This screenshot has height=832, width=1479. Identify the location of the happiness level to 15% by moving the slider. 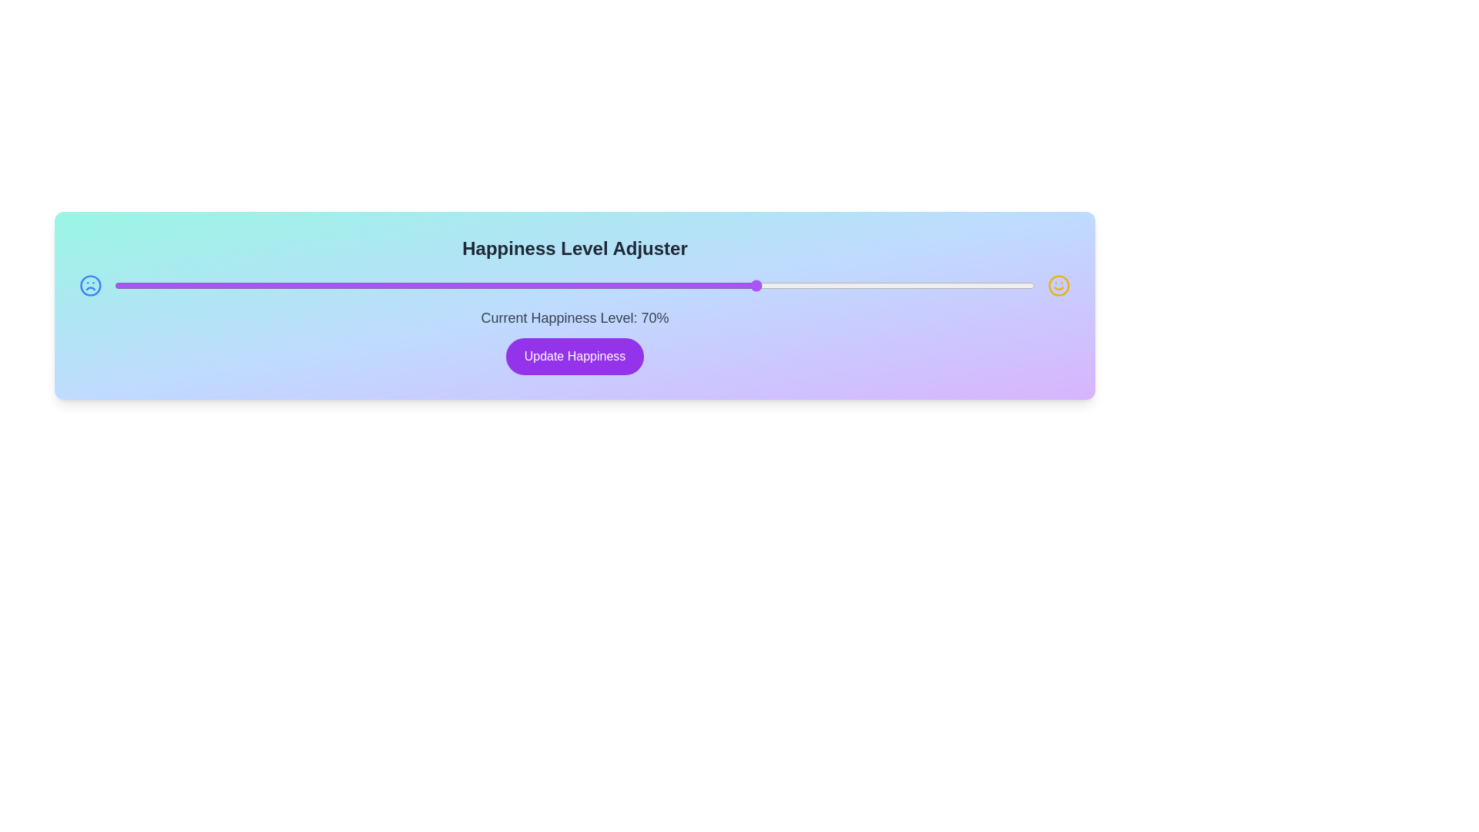
(253, 285).